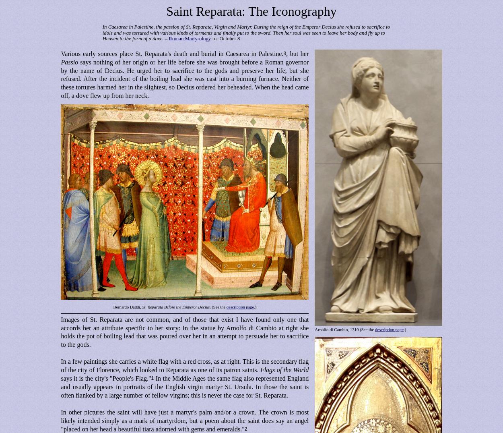 The image size is (503, 433). What do you see at coordinates (184, 387) in the screenshot?
I see `'In the Middle Ages the same flag also represented England and usually appears in portraits of the English virgin martyr St. Ursula. In those the saint is often flanked by a large number of fellow virgins; this is never the case for St. Reparata.'` at bounding box center [184, 387].